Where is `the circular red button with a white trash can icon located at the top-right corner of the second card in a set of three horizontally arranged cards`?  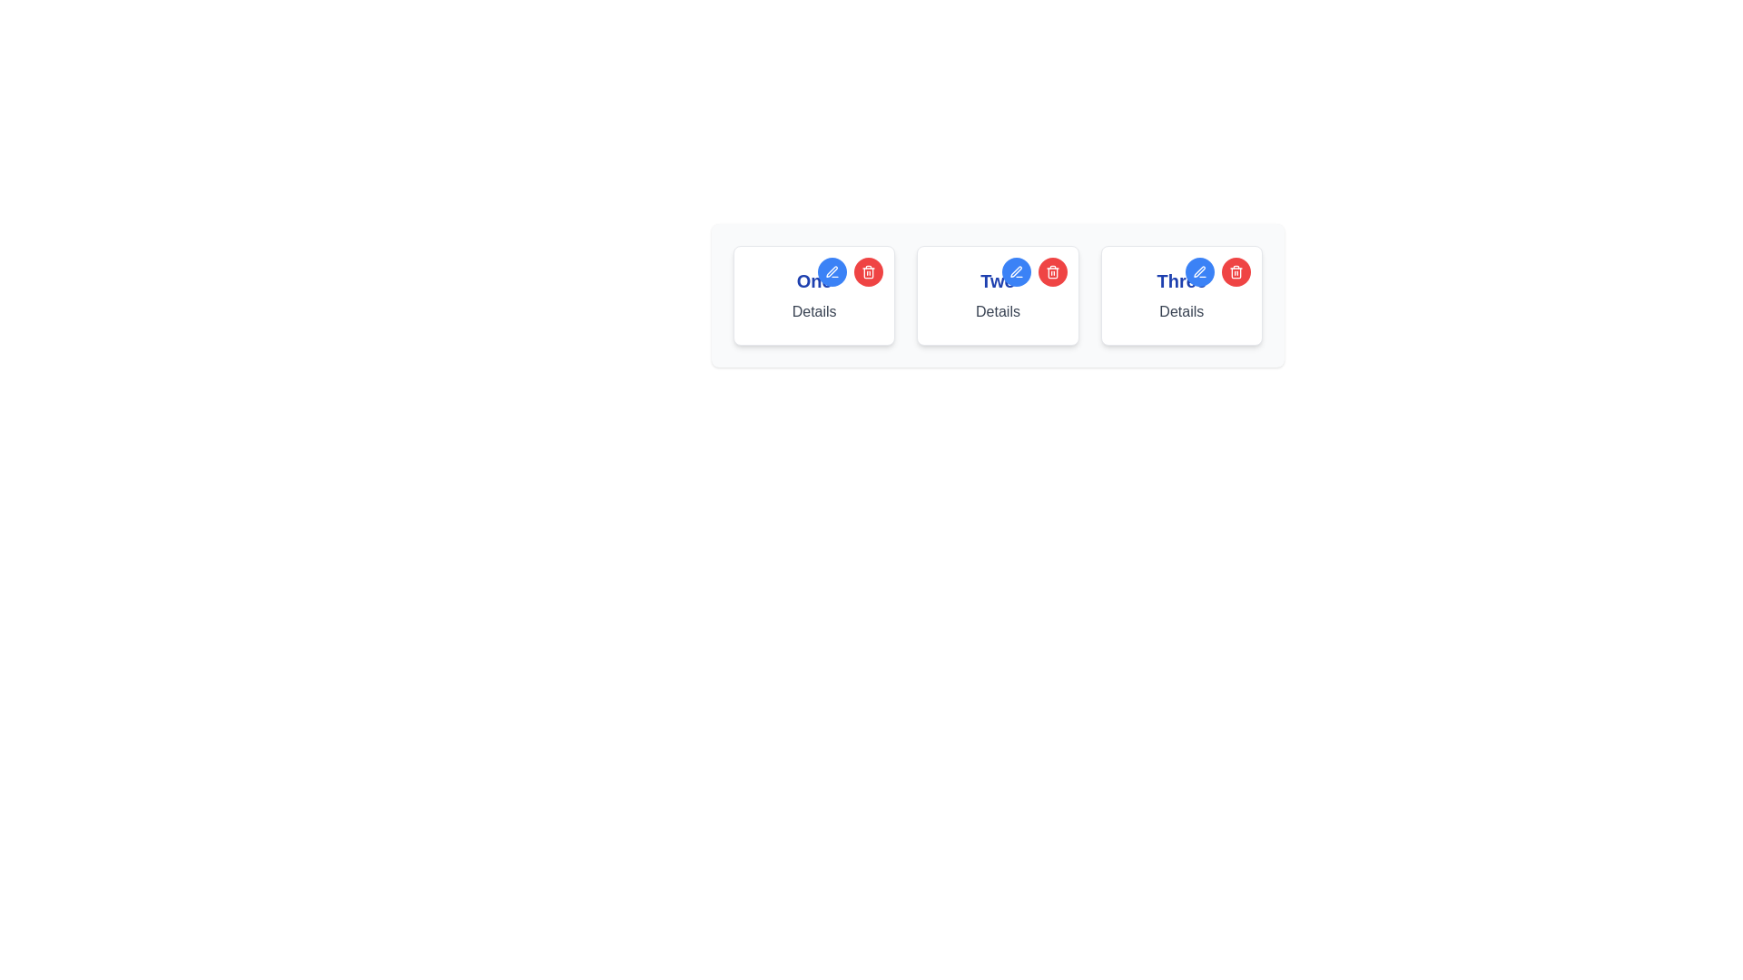
the circular red button with a white trash can icon located at the top-right corner of the second card in a set of three horizontally arranged cards is located at coordinates (1052, 272).